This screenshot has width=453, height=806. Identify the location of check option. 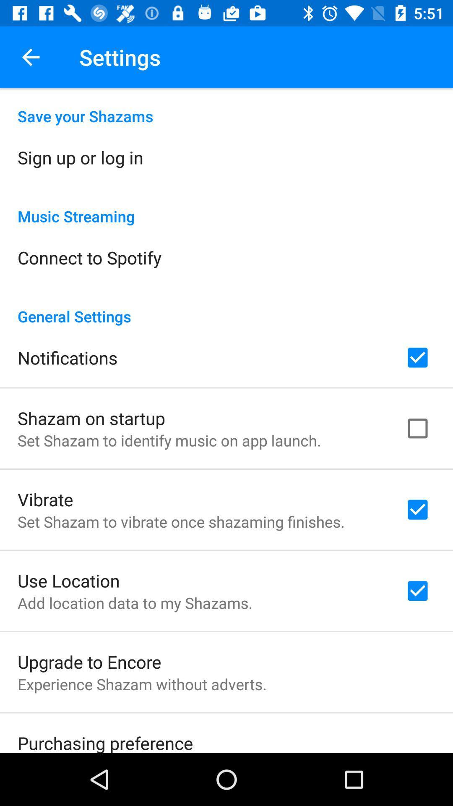
(417, 357).